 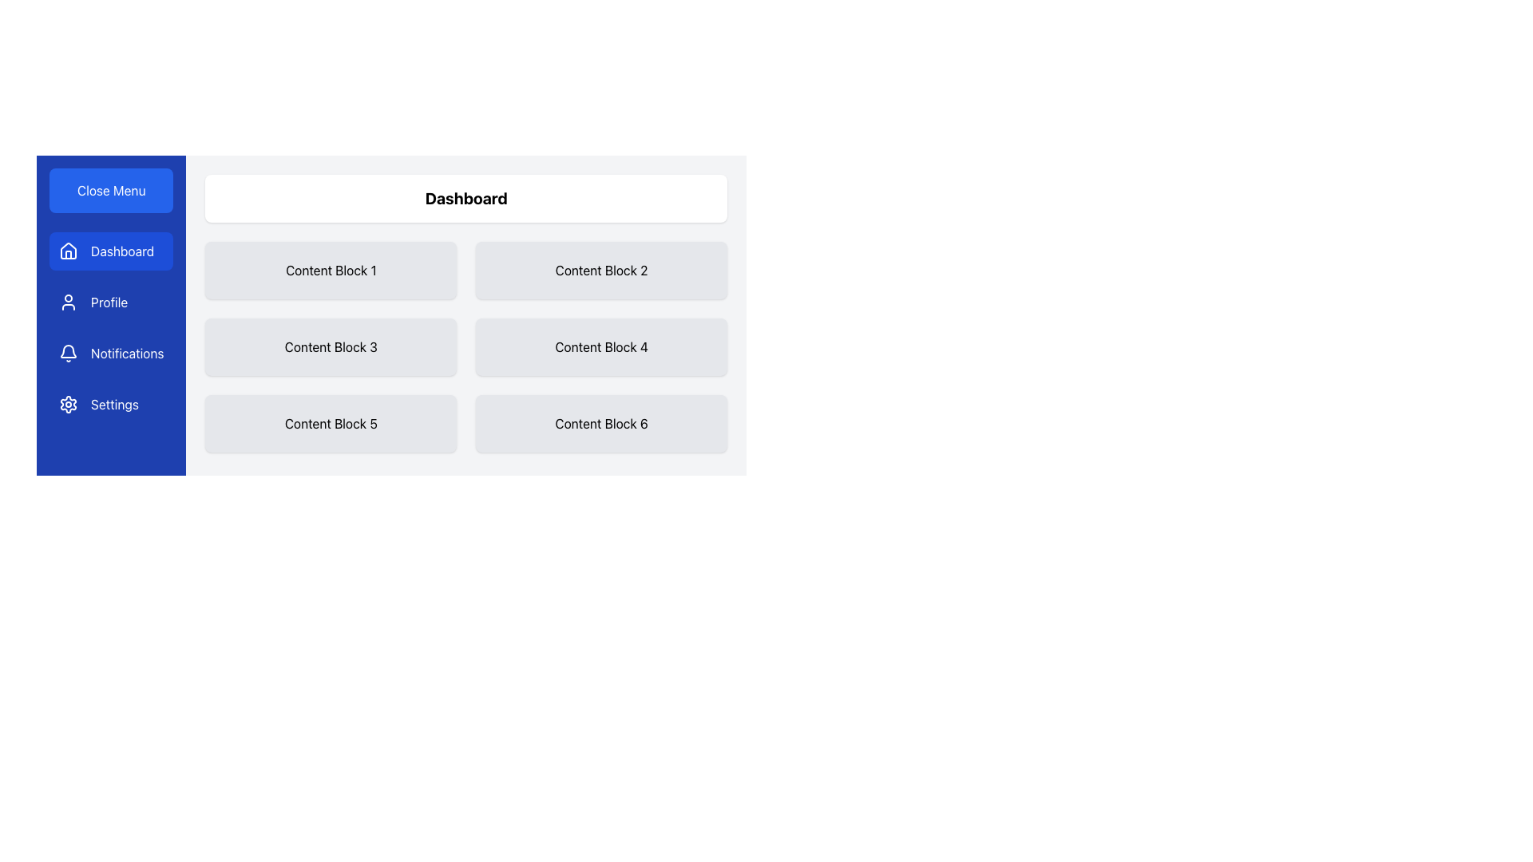 What do you see at coordinates (109, 302) in the screenshot?
I see `text content of the 'Profile' label located in the left-hand navigation menu, which is embedded within a blue background area and aligned to the left side, just below the 'Dashboard' label` at bounding box center [109, 302].